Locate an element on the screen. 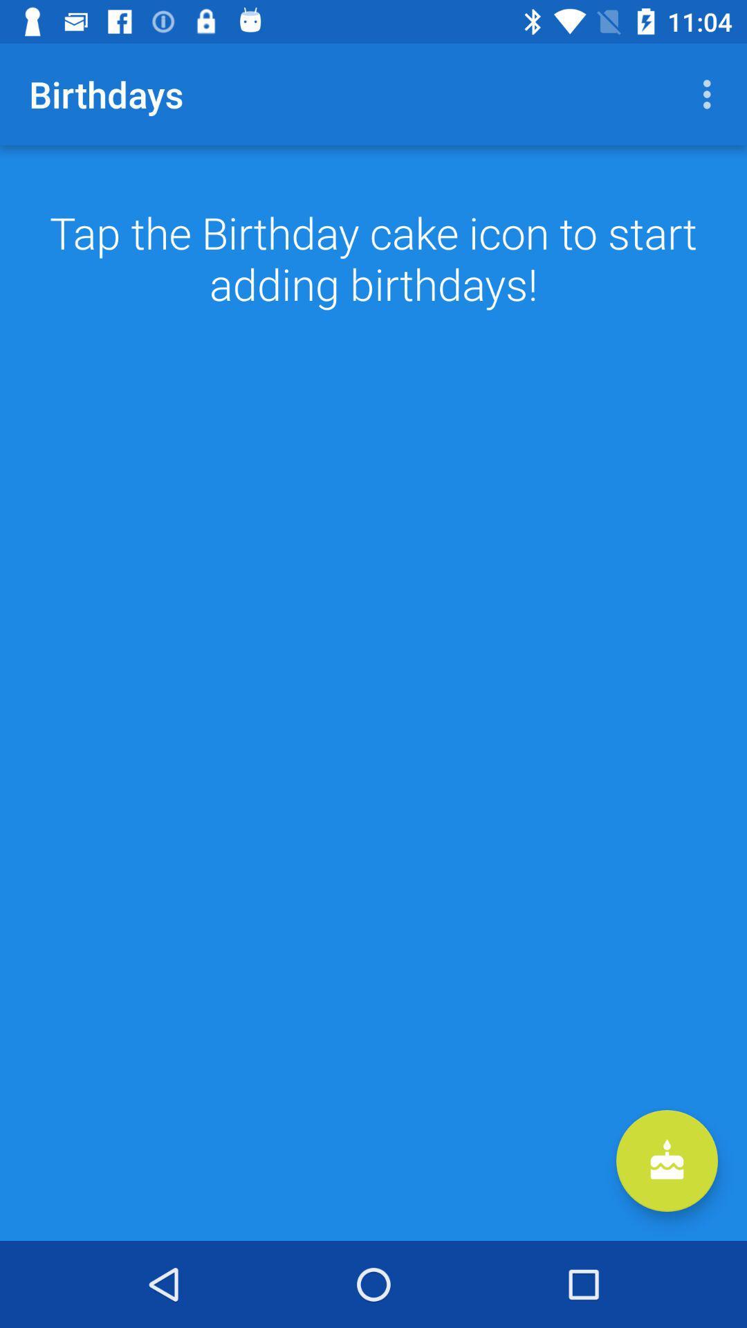  the icon at the top right corner is located at coordinates (710, 93).